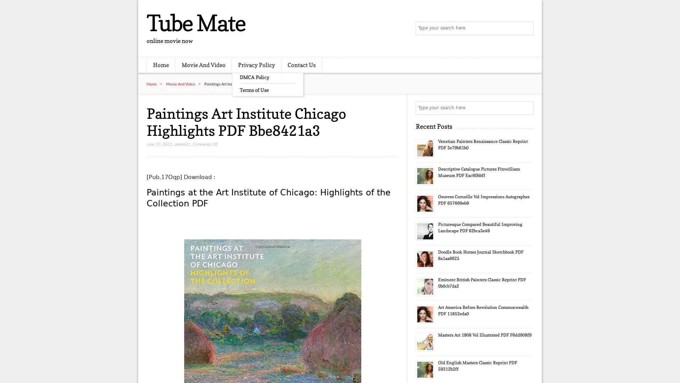 The height and width of the screenshot is (383, 680). Describe the element at coordinates (526, 28) in the screenshot. I see `Search` at that location.